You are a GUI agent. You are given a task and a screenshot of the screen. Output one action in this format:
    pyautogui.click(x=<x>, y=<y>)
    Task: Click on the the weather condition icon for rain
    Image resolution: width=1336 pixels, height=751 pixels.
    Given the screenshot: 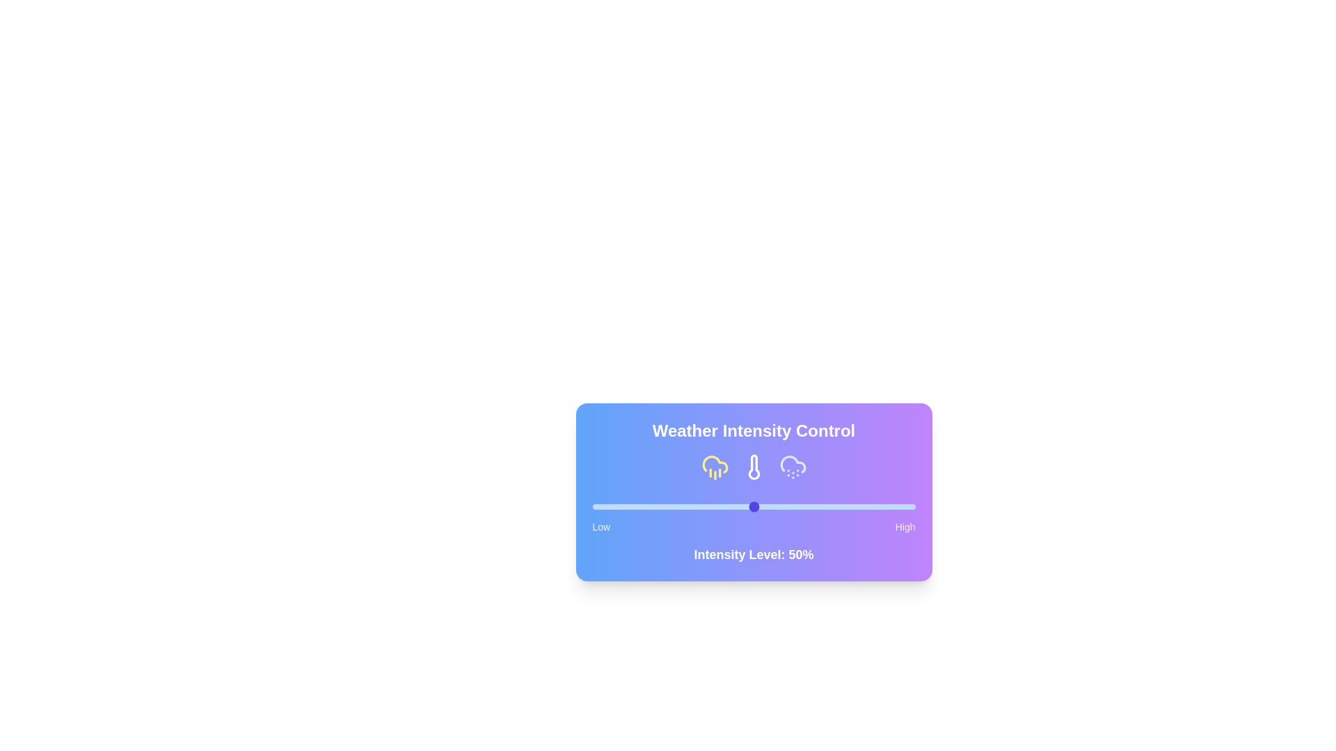 What is the action you would take?
    pyautogui.click(x=715, y=467)
    